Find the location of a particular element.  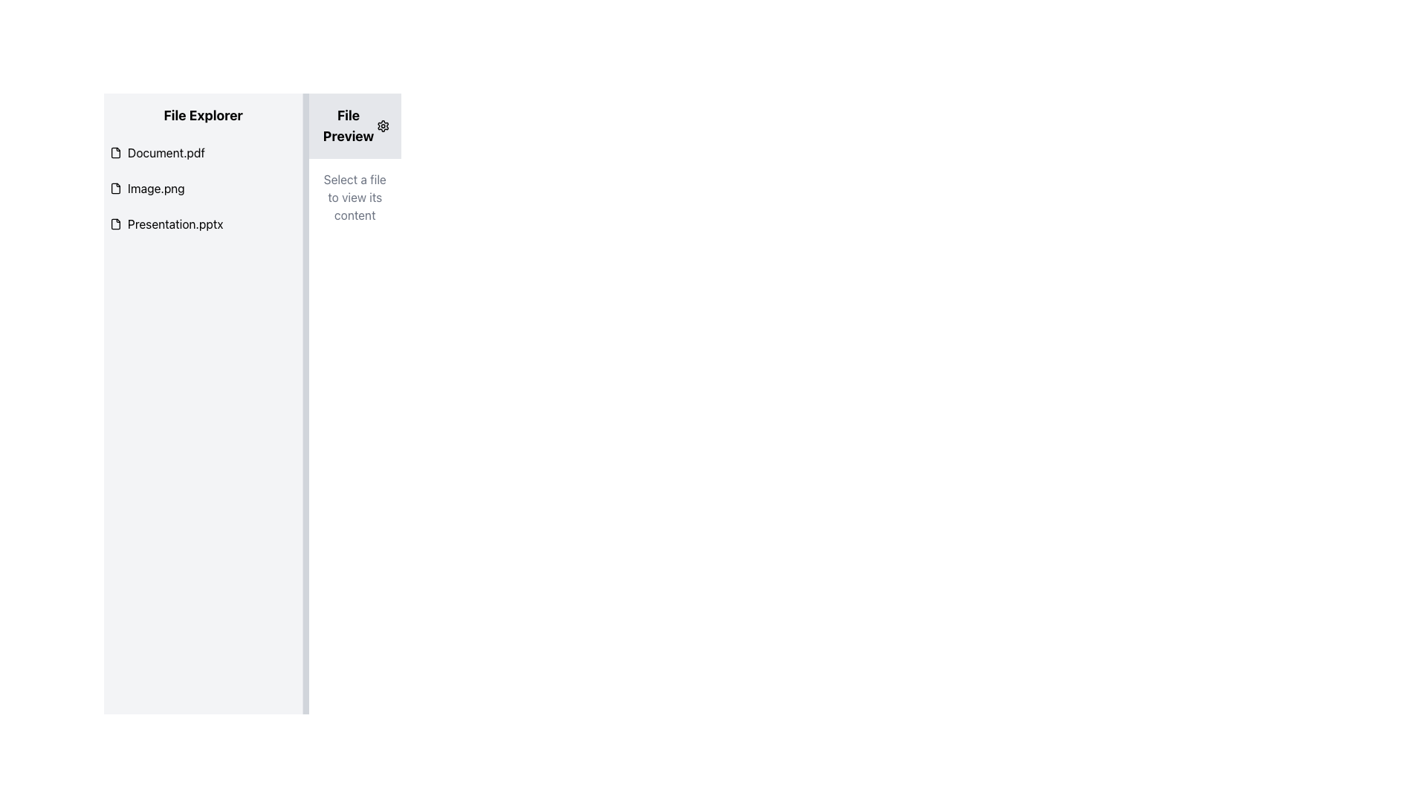

the text label displaying the message 'Select a file is located at coordinates (354, 197).